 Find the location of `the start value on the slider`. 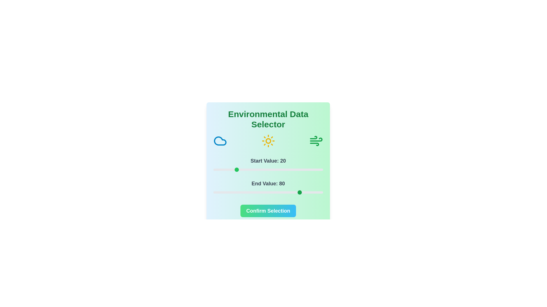

the start value on the slider is located at coordinates (220, 169).